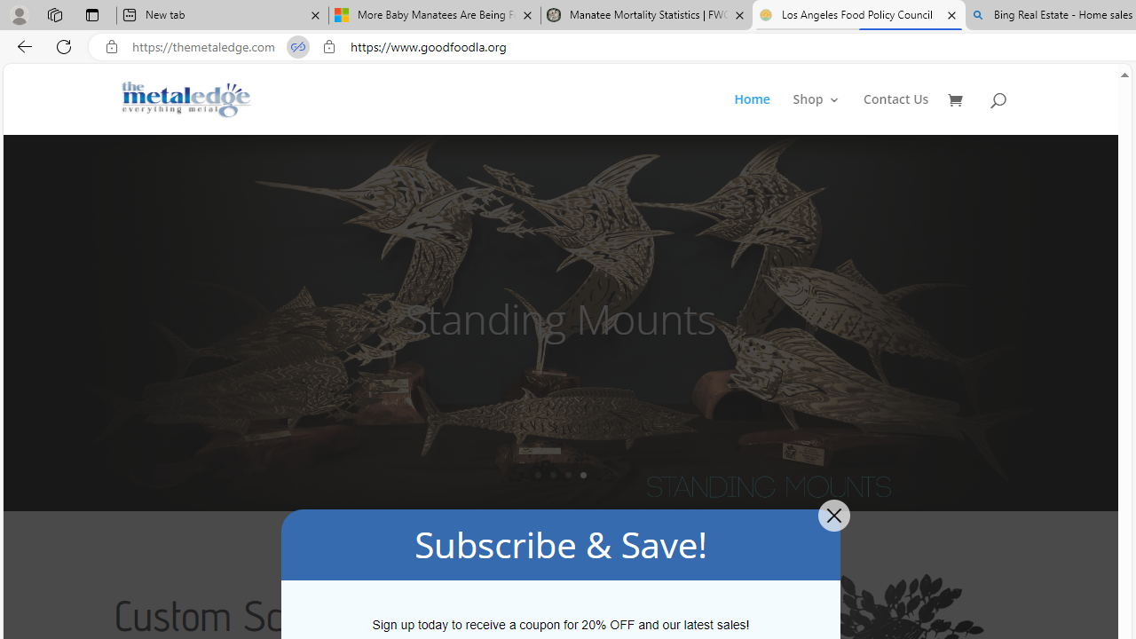 The image size is (1136, 639). Describe the element at coordinates (537, 474) in the screenshot. I see `'1'` at that location.